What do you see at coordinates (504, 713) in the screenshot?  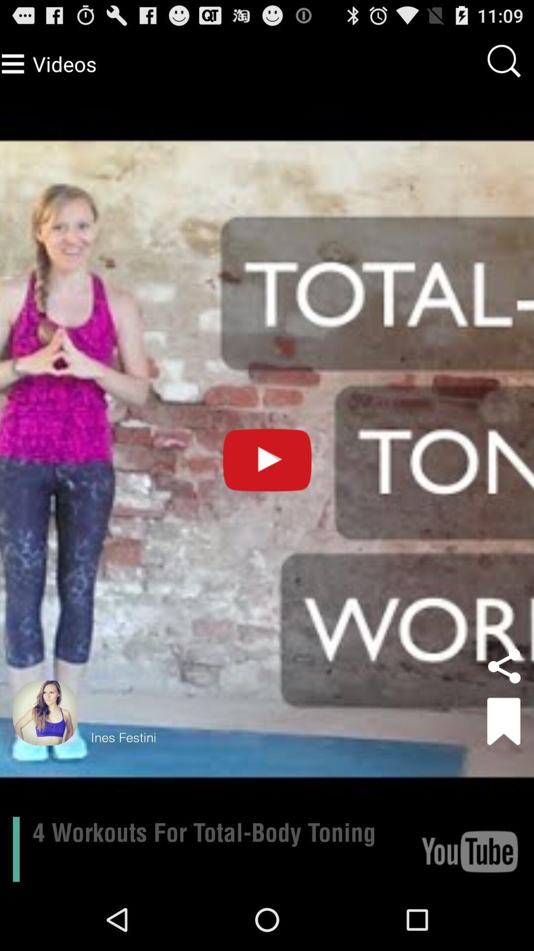 I see `the share icon` at bounding box center [504, 713].